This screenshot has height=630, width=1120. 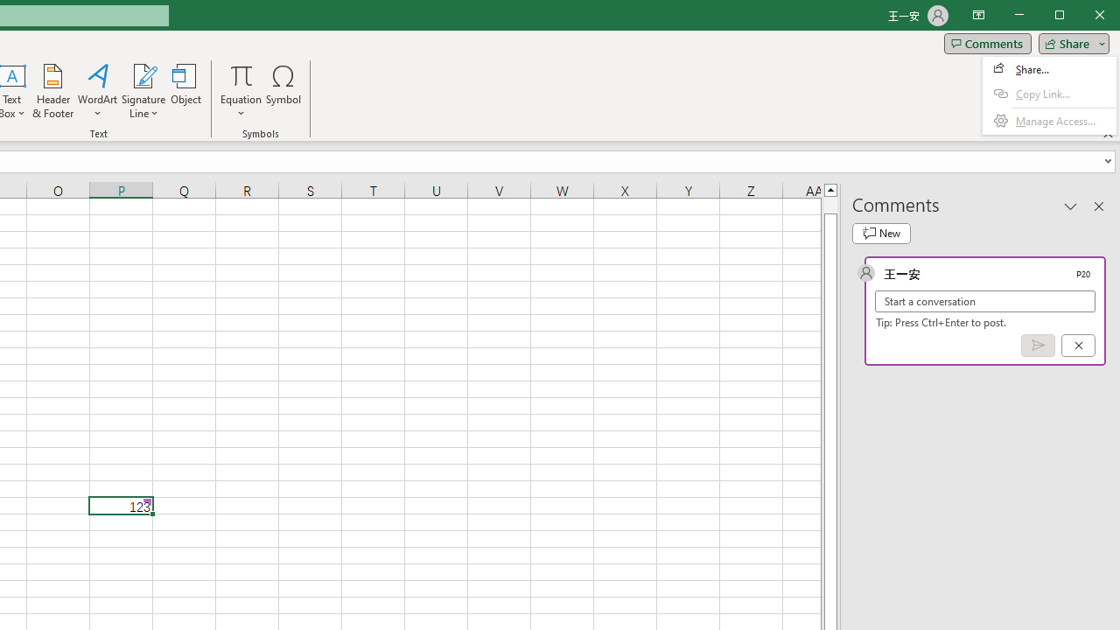 I want to click on 'WordArt', so click(x=97, y=91).